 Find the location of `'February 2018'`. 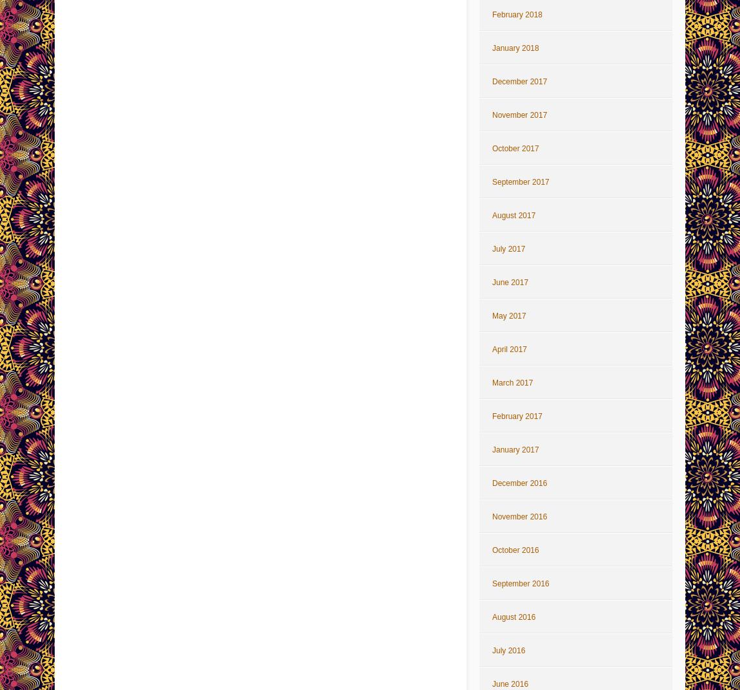

'February 2018' is located at coordinates (516, 14).